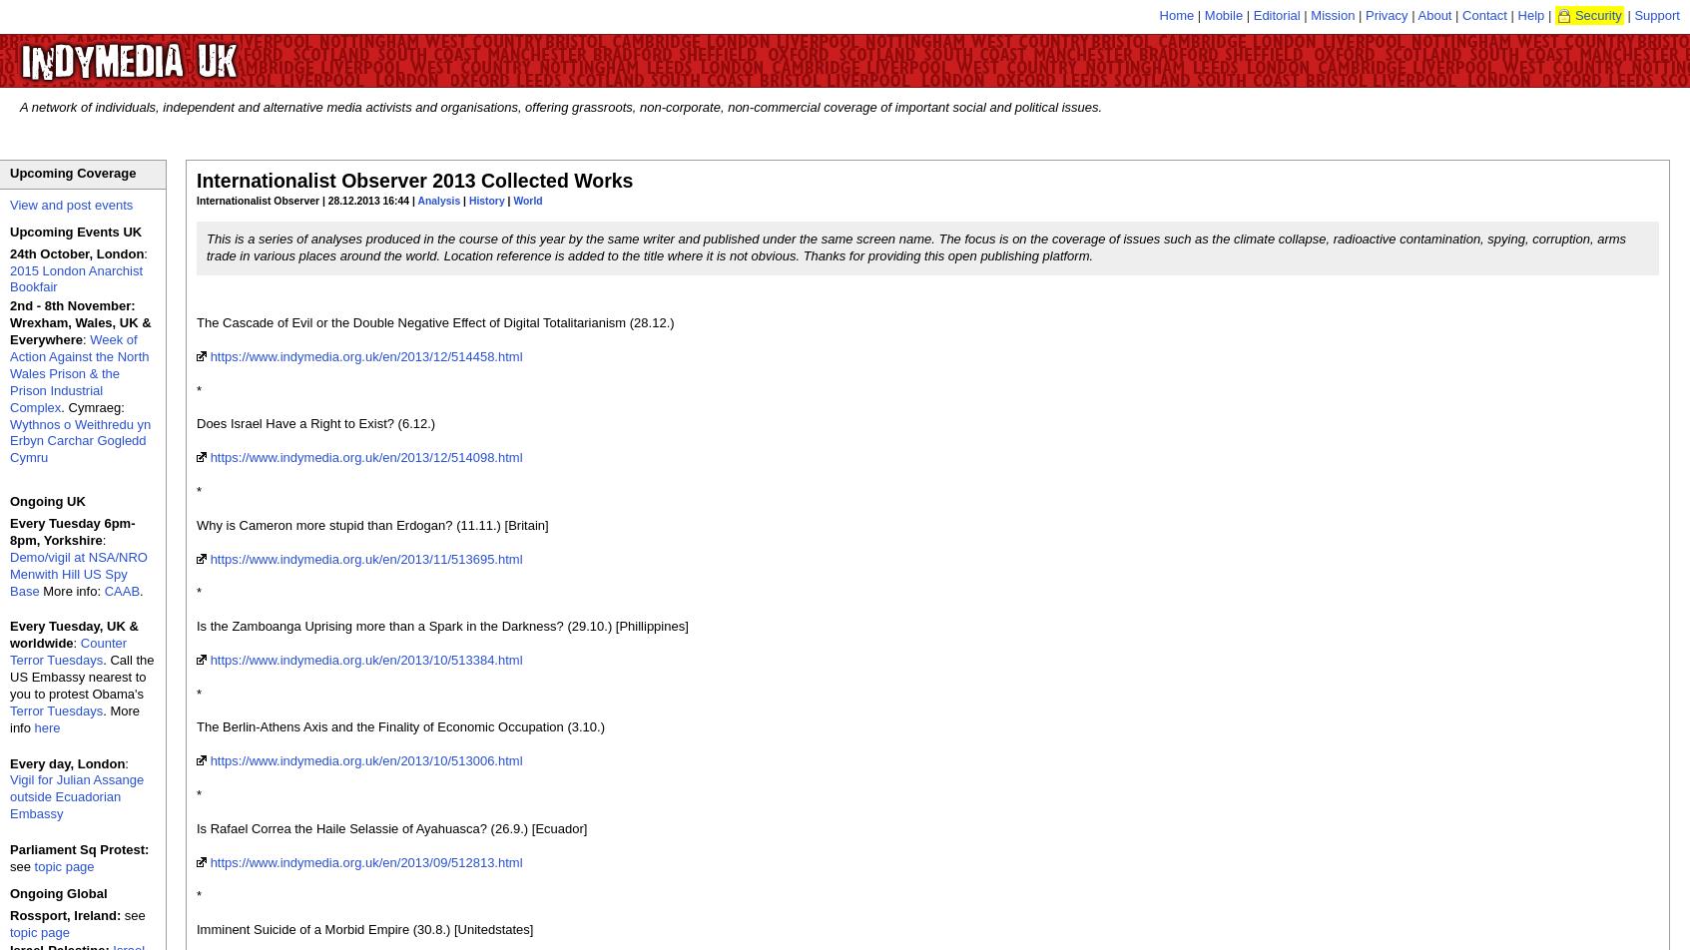 The image size is (1690, 950). What do you see at coordinates (1433, 15) in the screenshot?
I see `'About'` at bounding box center [1433, 15].